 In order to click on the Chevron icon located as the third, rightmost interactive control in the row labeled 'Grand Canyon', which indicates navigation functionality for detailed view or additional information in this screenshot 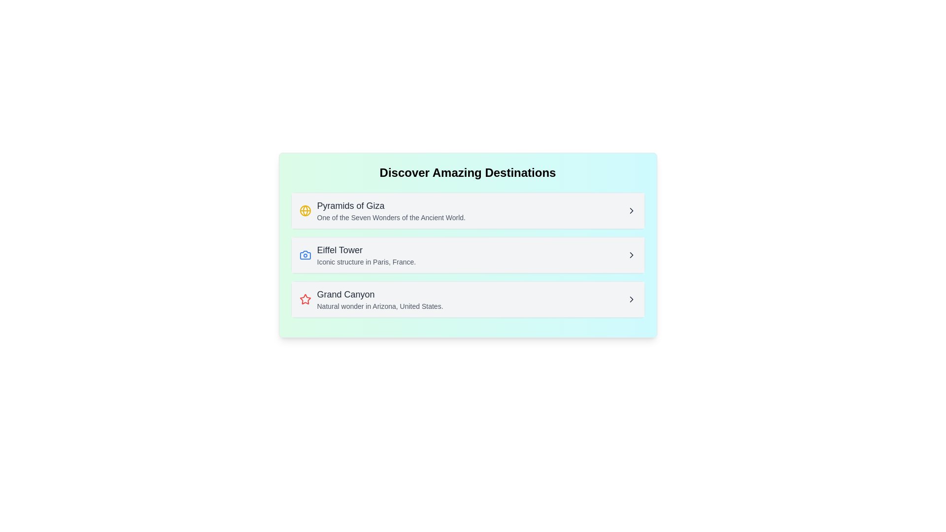, I will do `click(631, 299)`.